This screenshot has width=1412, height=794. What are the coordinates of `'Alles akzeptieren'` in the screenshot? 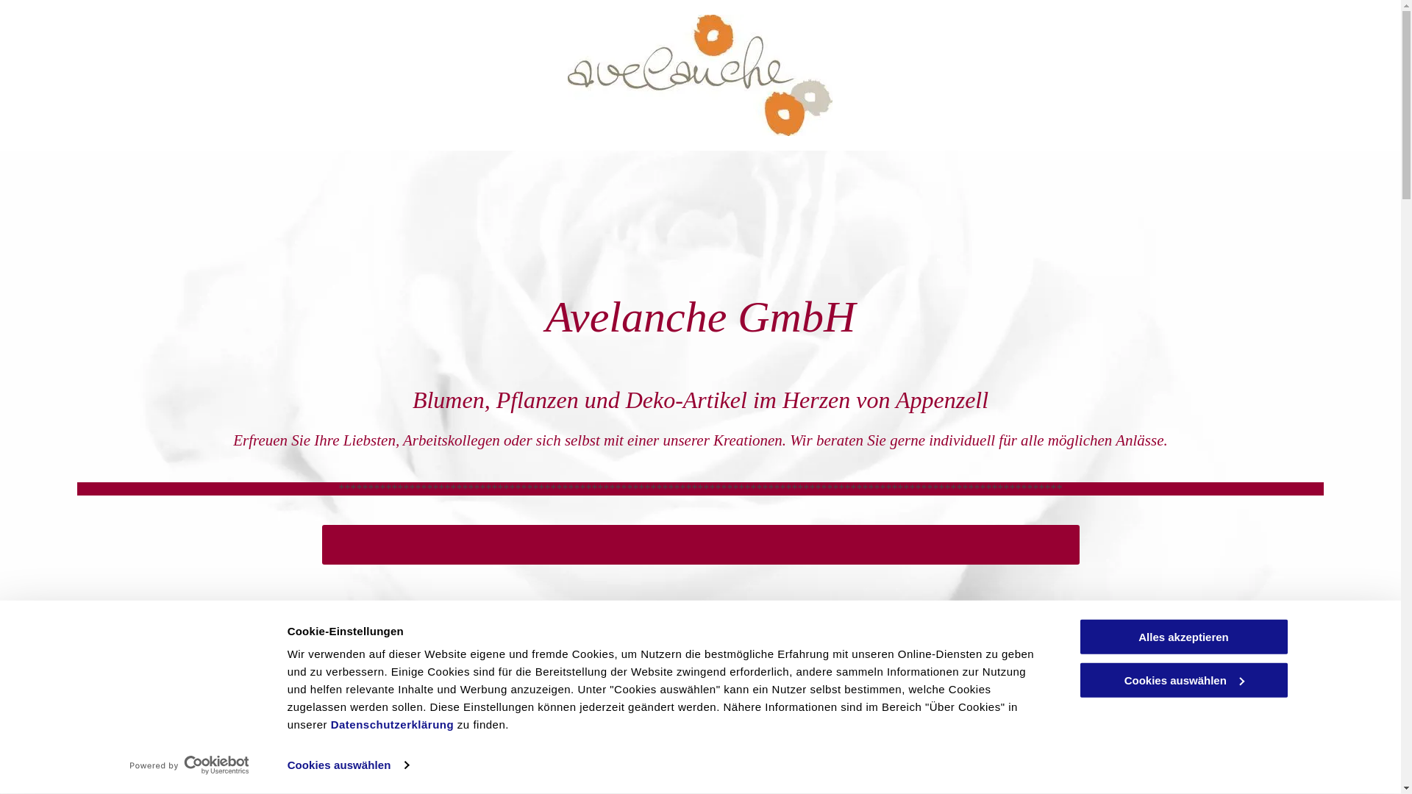 It's located at (1183, 636).